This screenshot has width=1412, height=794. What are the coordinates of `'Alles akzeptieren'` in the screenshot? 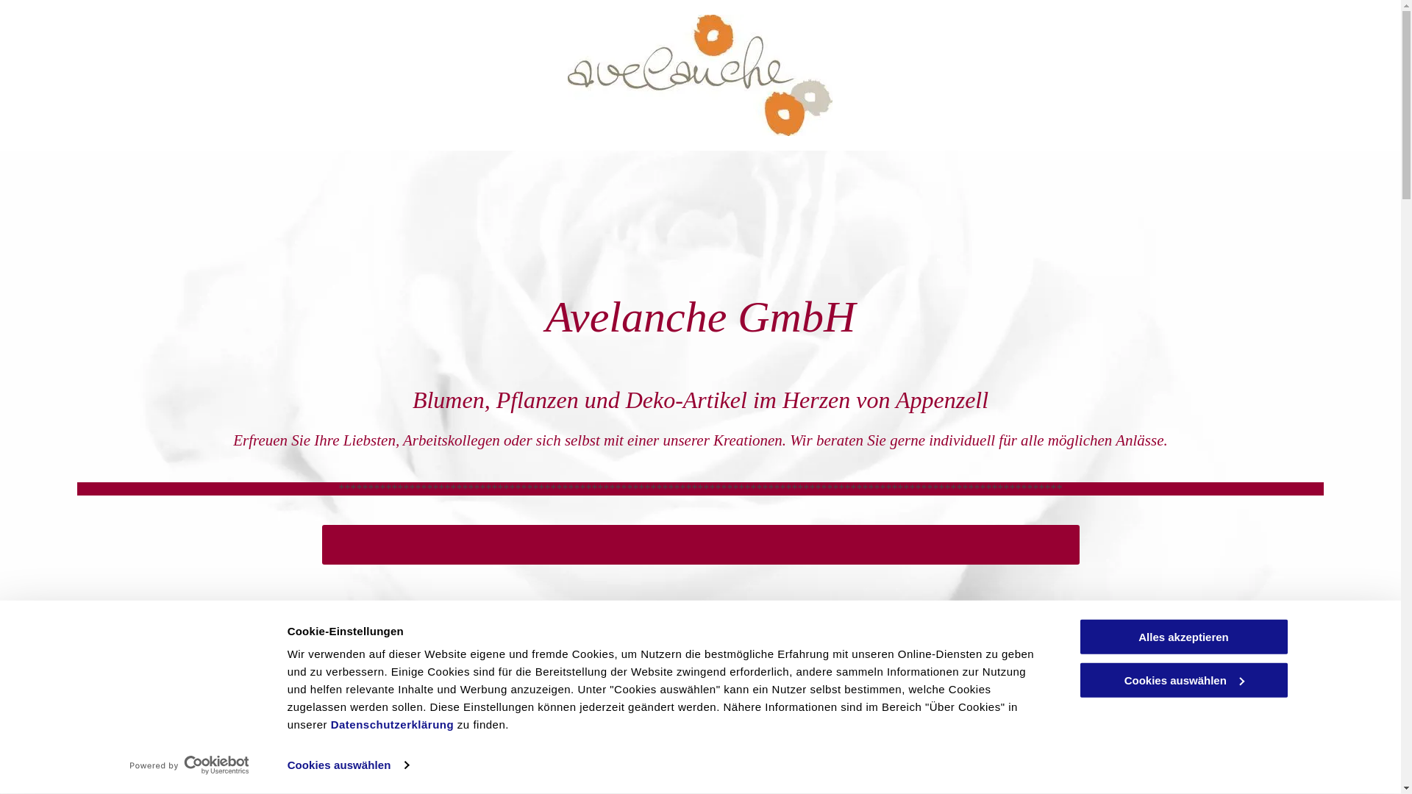 It's located at (1183, 636).